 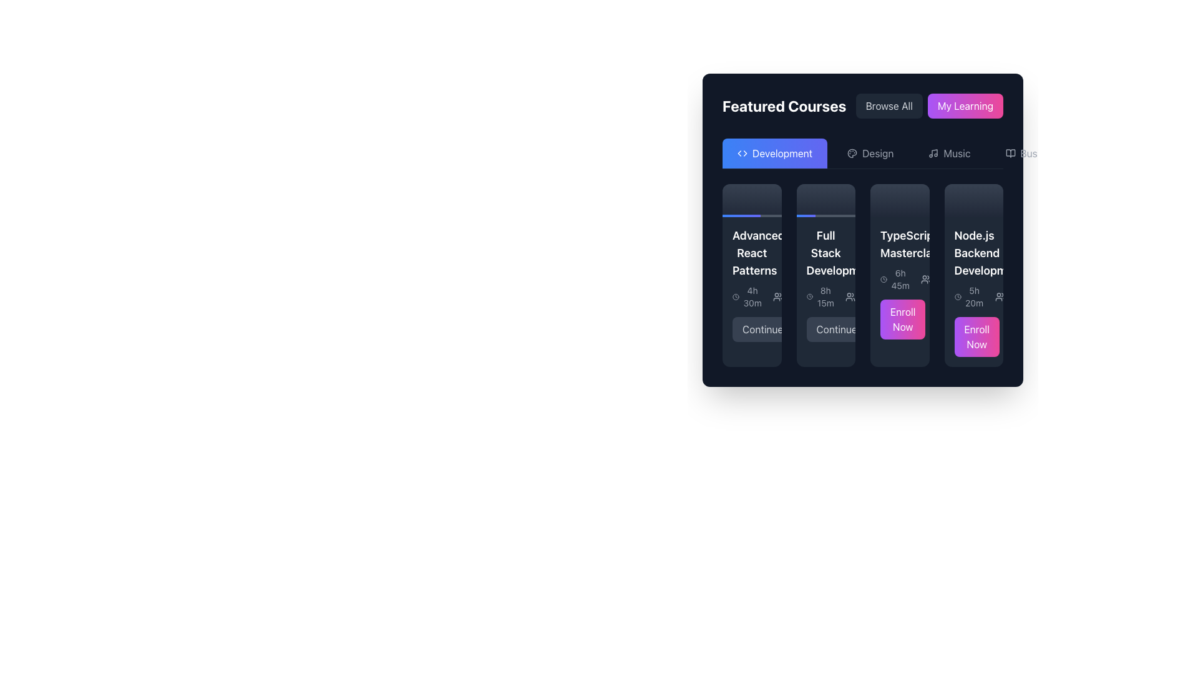 I want to click on the button located at the bottom center of the 'Advanced React Patterns' course card, so click(x=751, y=329).